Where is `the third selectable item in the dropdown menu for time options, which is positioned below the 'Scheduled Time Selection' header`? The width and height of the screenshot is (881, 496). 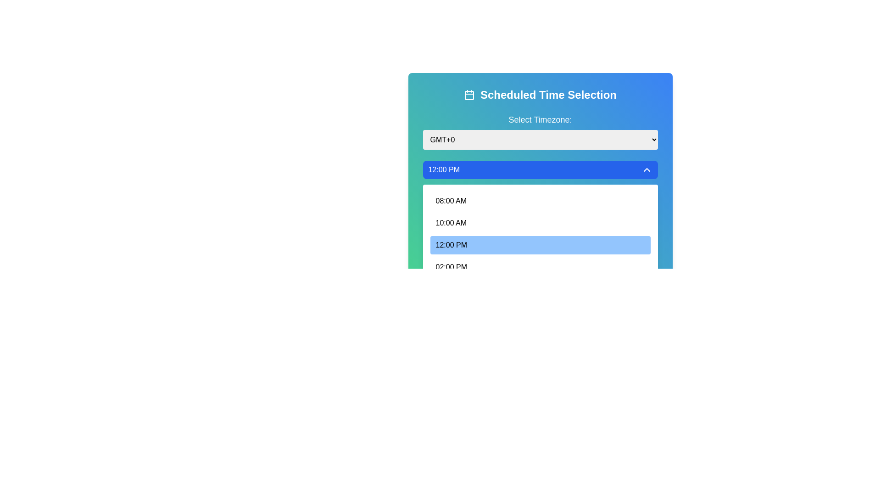
the third selectable item in the dropdown menu for time options, which is positioned below the 'Scheduled Time Selection' header is located at coordinates (540, 233).